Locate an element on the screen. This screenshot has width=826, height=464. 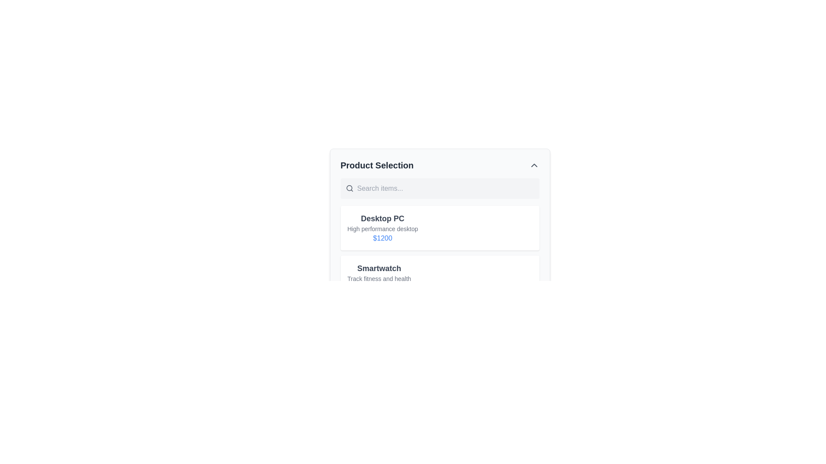
the search icon located within the search bar at the top of the product selection panel, which signifies search functionality and is positioned to the left of the text input field labeled 'Search items...' is located at coordinates (349, 188).